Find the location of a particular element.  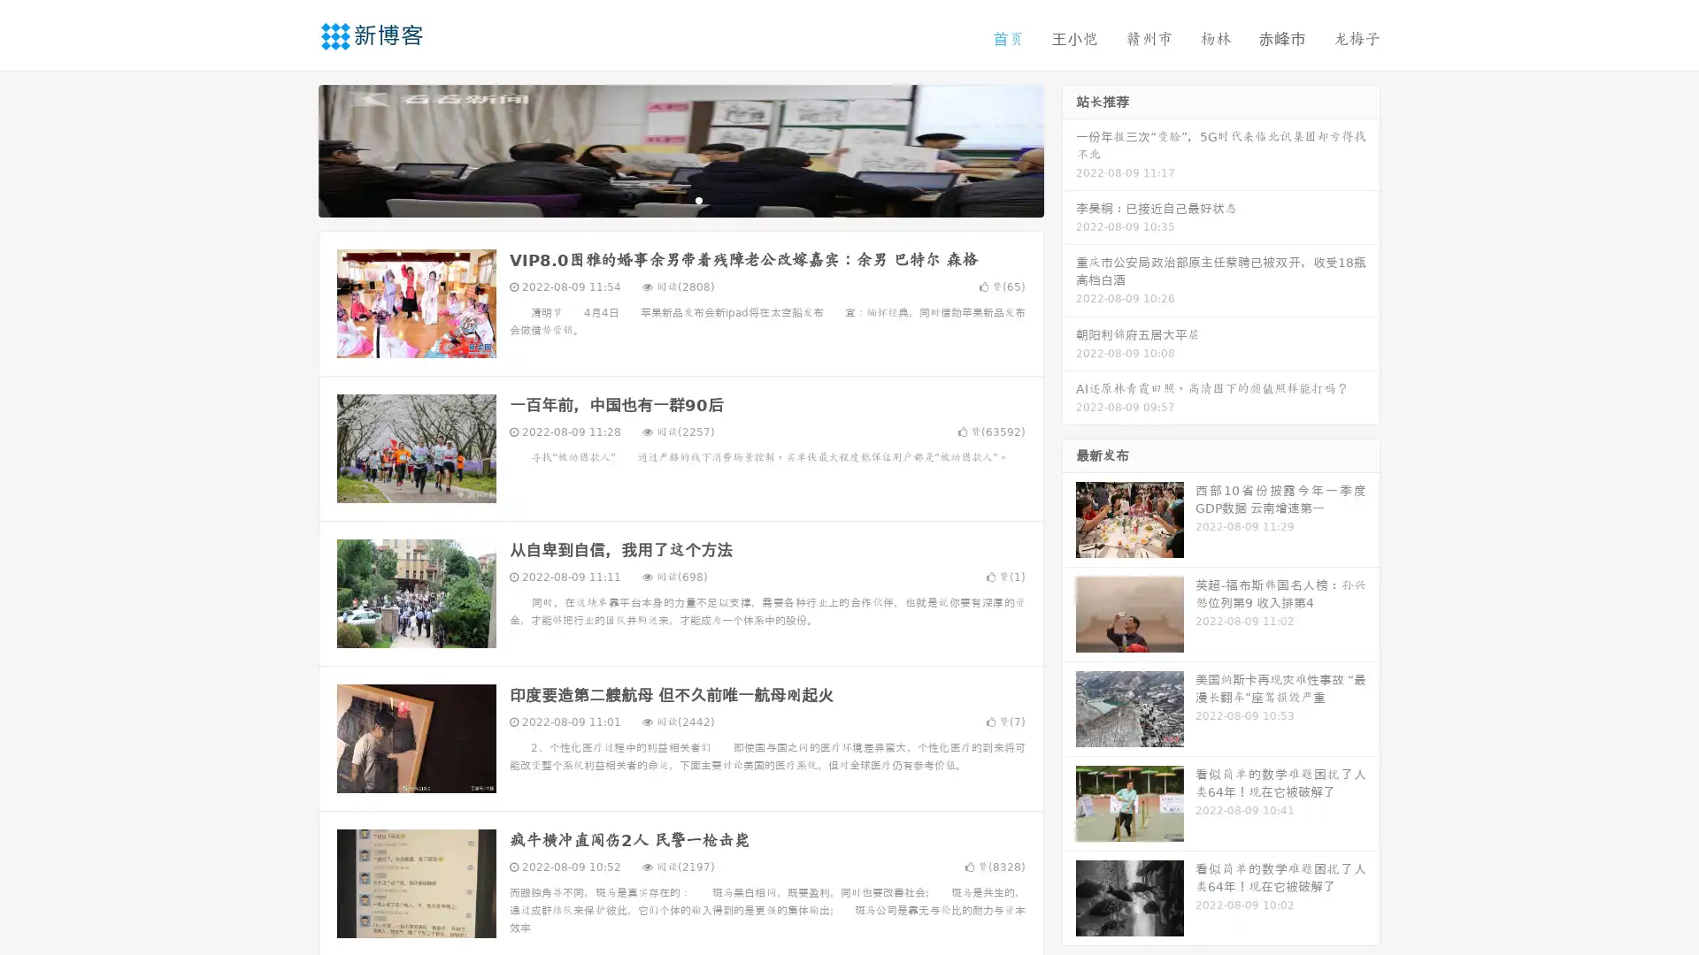

Next slide is located at coordinates (1069, 149).